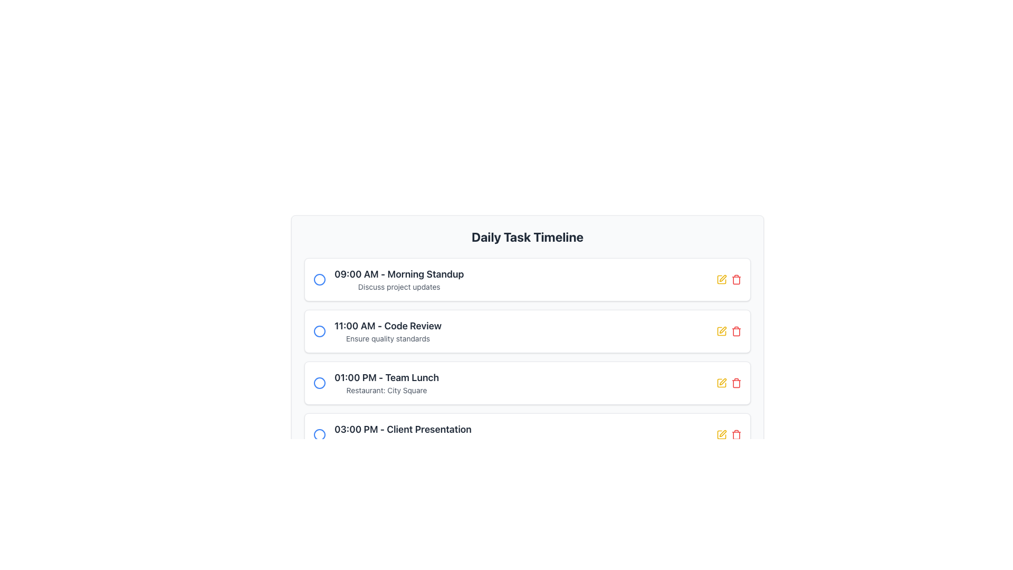 The image size is (1013, 570). I want to click on the small, yellow pen-like icon located in the third row of the 'Daily Task Timeline' section to initiate the editing functionality, so click(721, 383).